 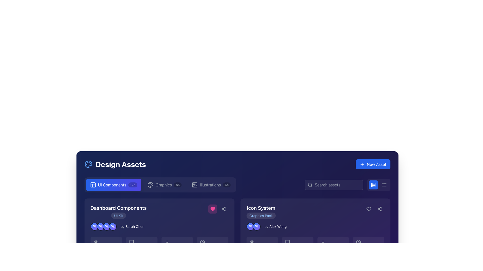 What do you see at coordinates (380, 209) in the screenshot?
I see `the sharing button, which is a circular icon with a central dot and three connected dots, located to the right of a heart-shaped icon in the top-right corner of the interface` at bounding box center [380, 209].